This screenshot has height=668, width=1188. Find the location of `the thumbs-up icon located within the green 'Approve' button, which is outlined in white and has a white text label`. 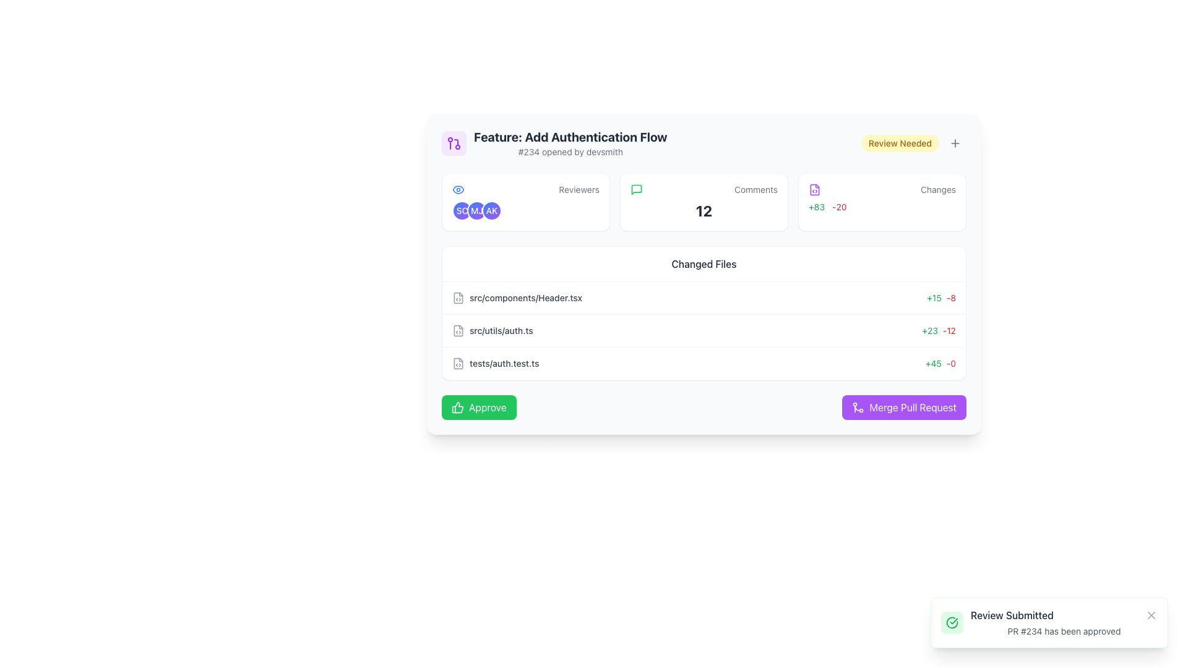

the thumbs-up icon located within the green 'Approve' button, which is outlined in white and has a white text label is located at coordinates (457, 408).